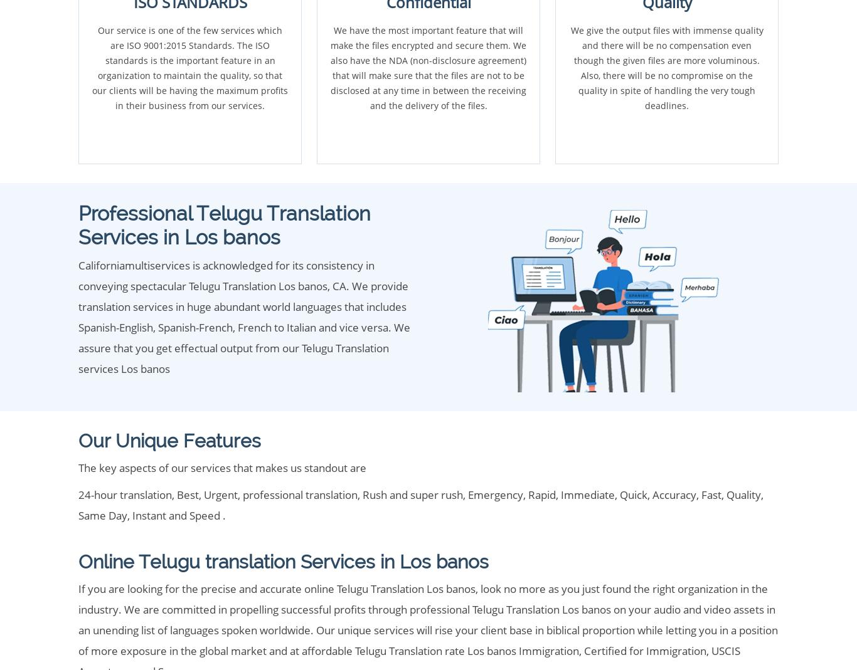 Image resolution: width=857 pixels, height=670 pixels. Describe the element at coordinates (129, 582) in the screenshot. I see `'List of services'` at that location.